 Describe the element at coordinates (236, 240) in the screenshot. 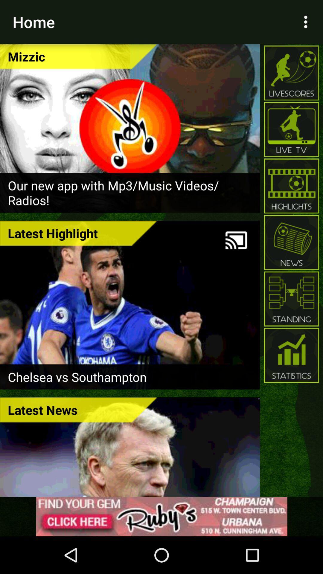

I see `cast to other device` at that location.